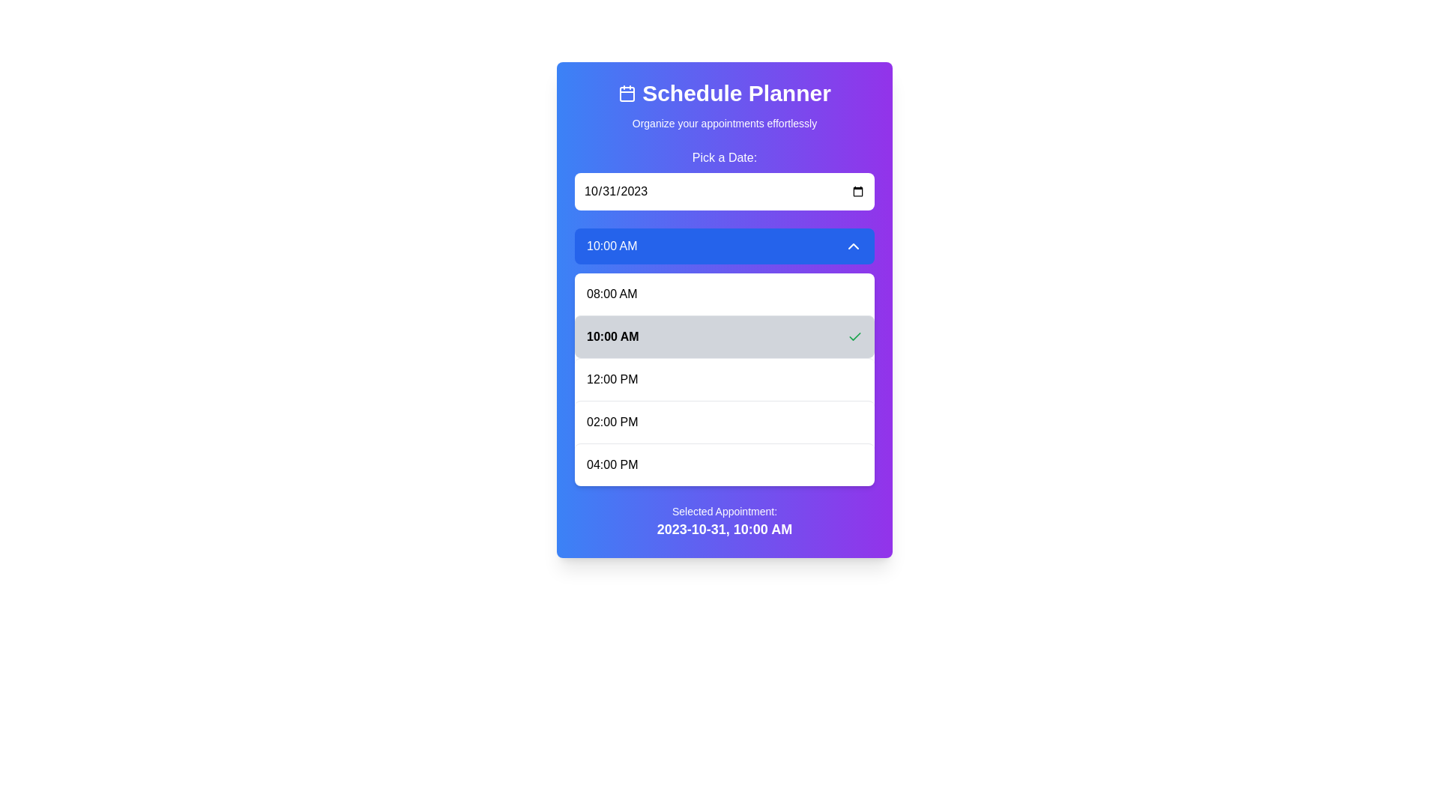 This screenshot has width=1439, height=809. What do you see at coordinates (724, 464) in the screenshot?
I see `to select the time slot '04:00 PM' from the dropdown list of appointment times` at bounding box center [724, 464].